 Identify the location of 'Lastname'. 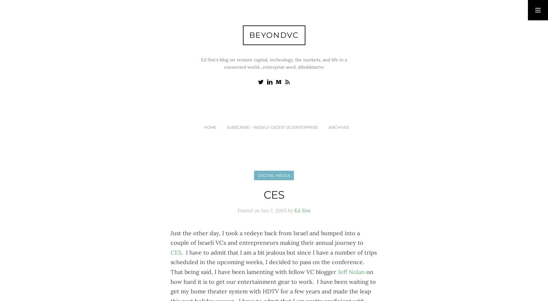
(452, 189).